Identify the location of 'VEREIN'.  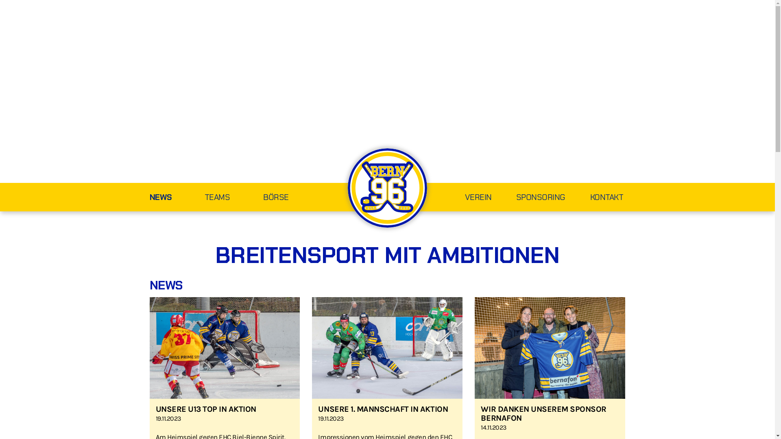
(466, 198).